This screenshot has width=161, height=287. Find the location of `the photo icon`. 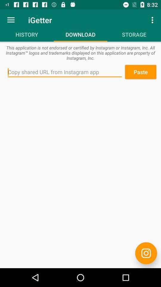

the photo icon is located at coordinates (146, 253).